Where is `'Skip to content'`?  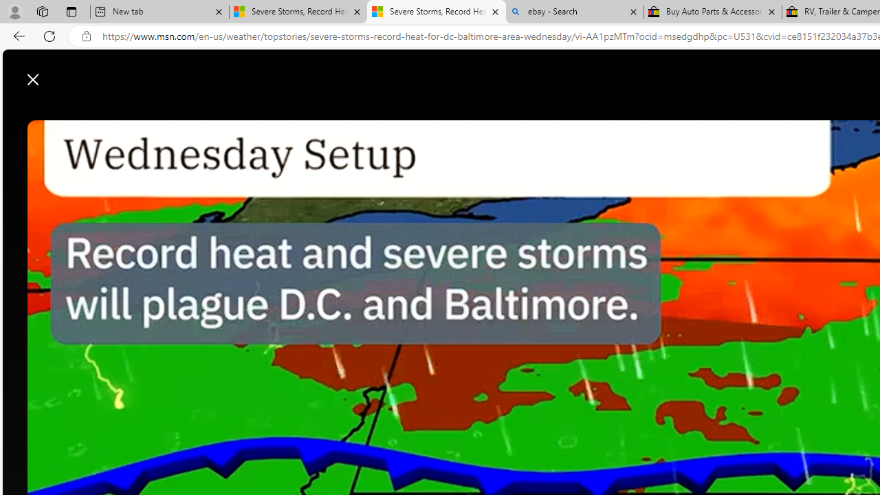
'Skip to content' is located at coordinates (59, 72).